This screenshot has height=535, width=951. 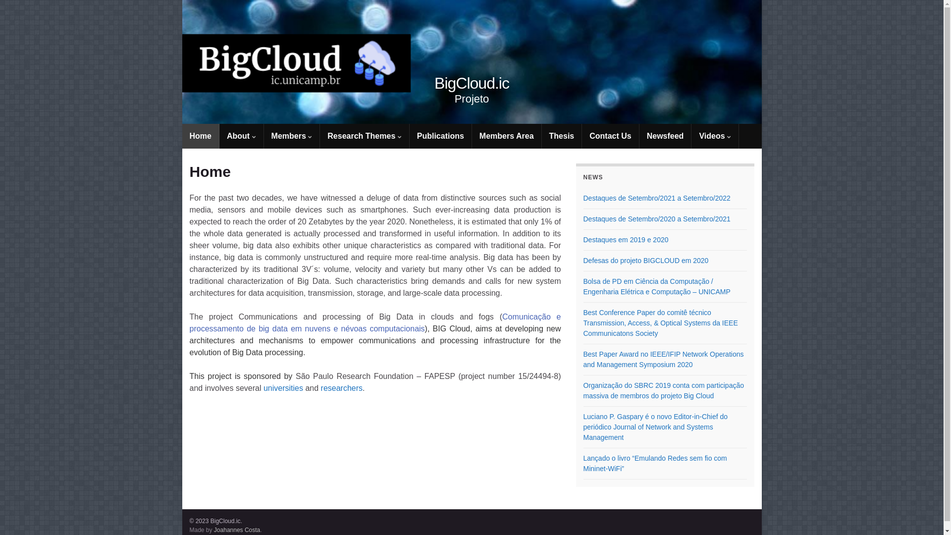 What do you see at coordinates (625, 239) in the screenshot?
I see `'Destaques em 2019 e 2020'` at bounding box center [625, 239].